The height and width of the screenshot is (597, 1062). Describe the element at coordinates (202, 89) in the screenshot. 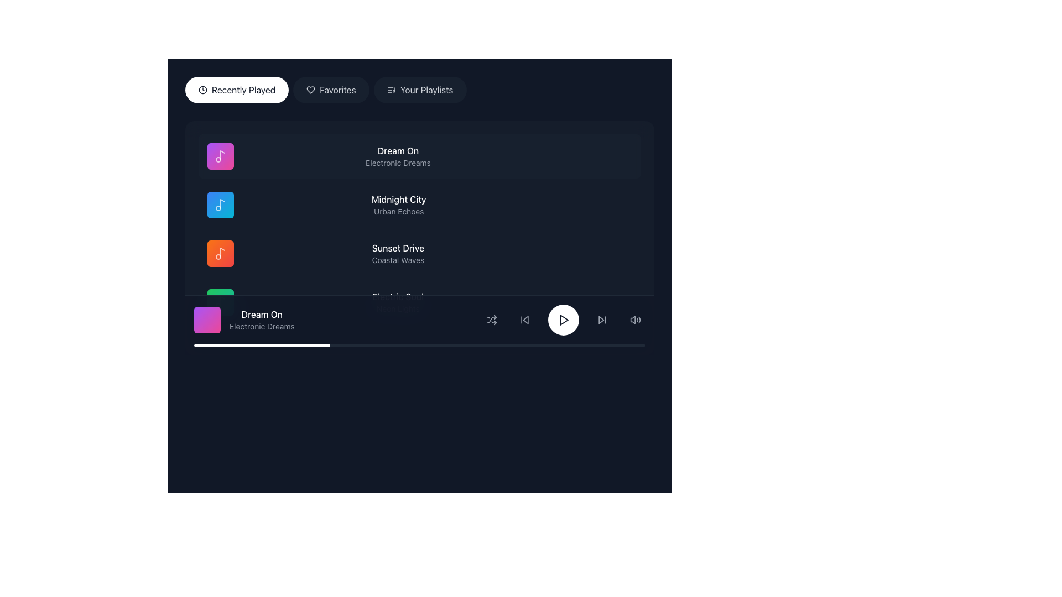

I see `the circular outline of the clock icon, which is part of an SVG graphic located near the top-left region of the interface` at that location.